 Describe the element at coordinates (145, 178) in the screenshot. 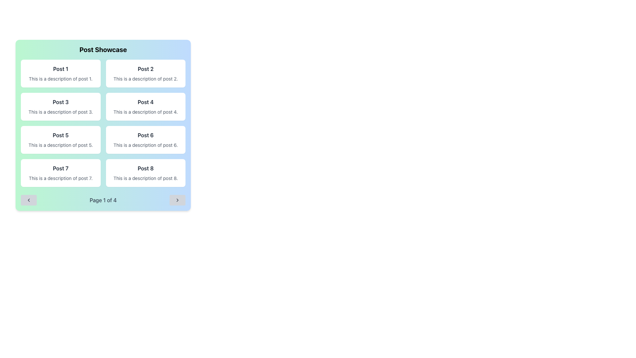

I see `the static text element that contains the description 'This is a description of post 8.' which is styled in gray and located below the title 'Post 8' within a white card in the bottom-right corner of the grid layout` at that location.